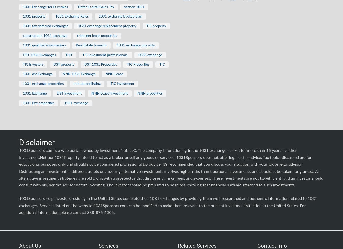 This screenshot has width=343, height=249. Describe the element at coordinates (39, 55) in the screenshot. I see `'DST 1031 Exchanges'` at that location.